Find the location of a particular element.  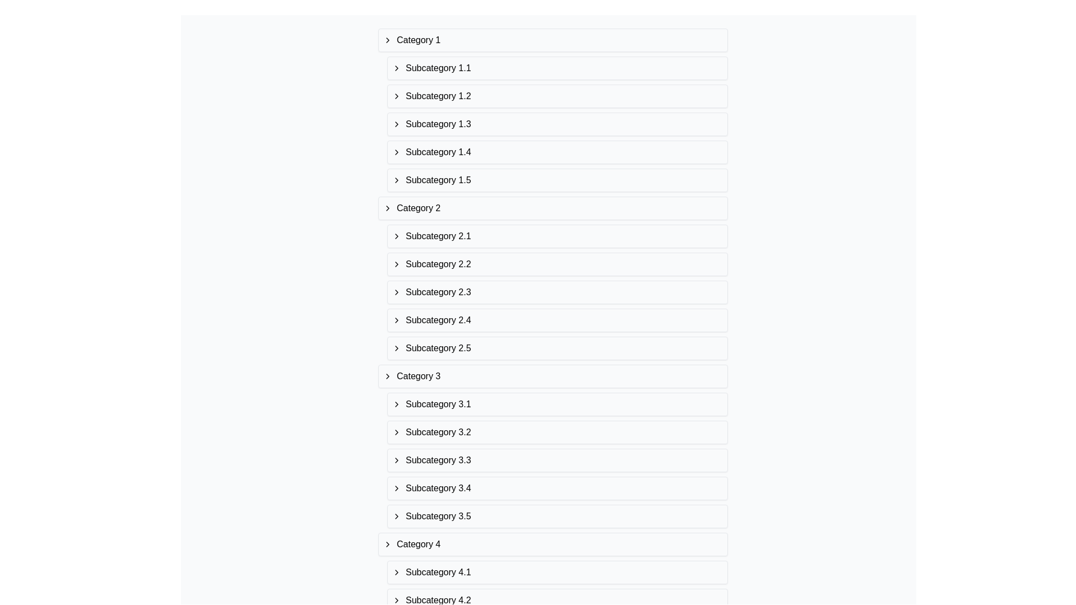

interactive icon for accessibility that serves as a visual indicator to expand details related to 'Subcategory 3.4', located immediately after 'Subcategory 3.3' and before 'Subcategory 3.5' is located at coordinates (397, 487).